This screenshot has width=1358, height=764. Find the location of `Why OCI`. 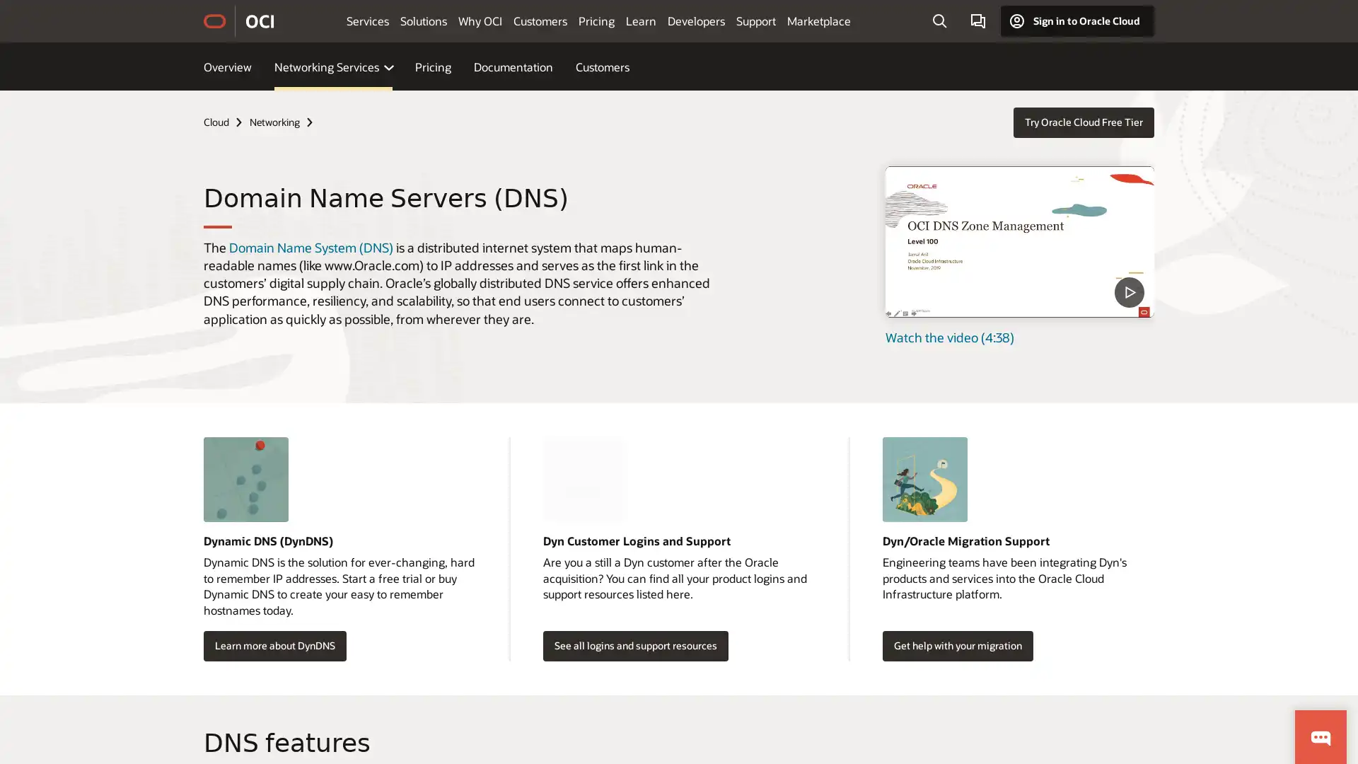

Why OCI is located at coordinates (480, 21).